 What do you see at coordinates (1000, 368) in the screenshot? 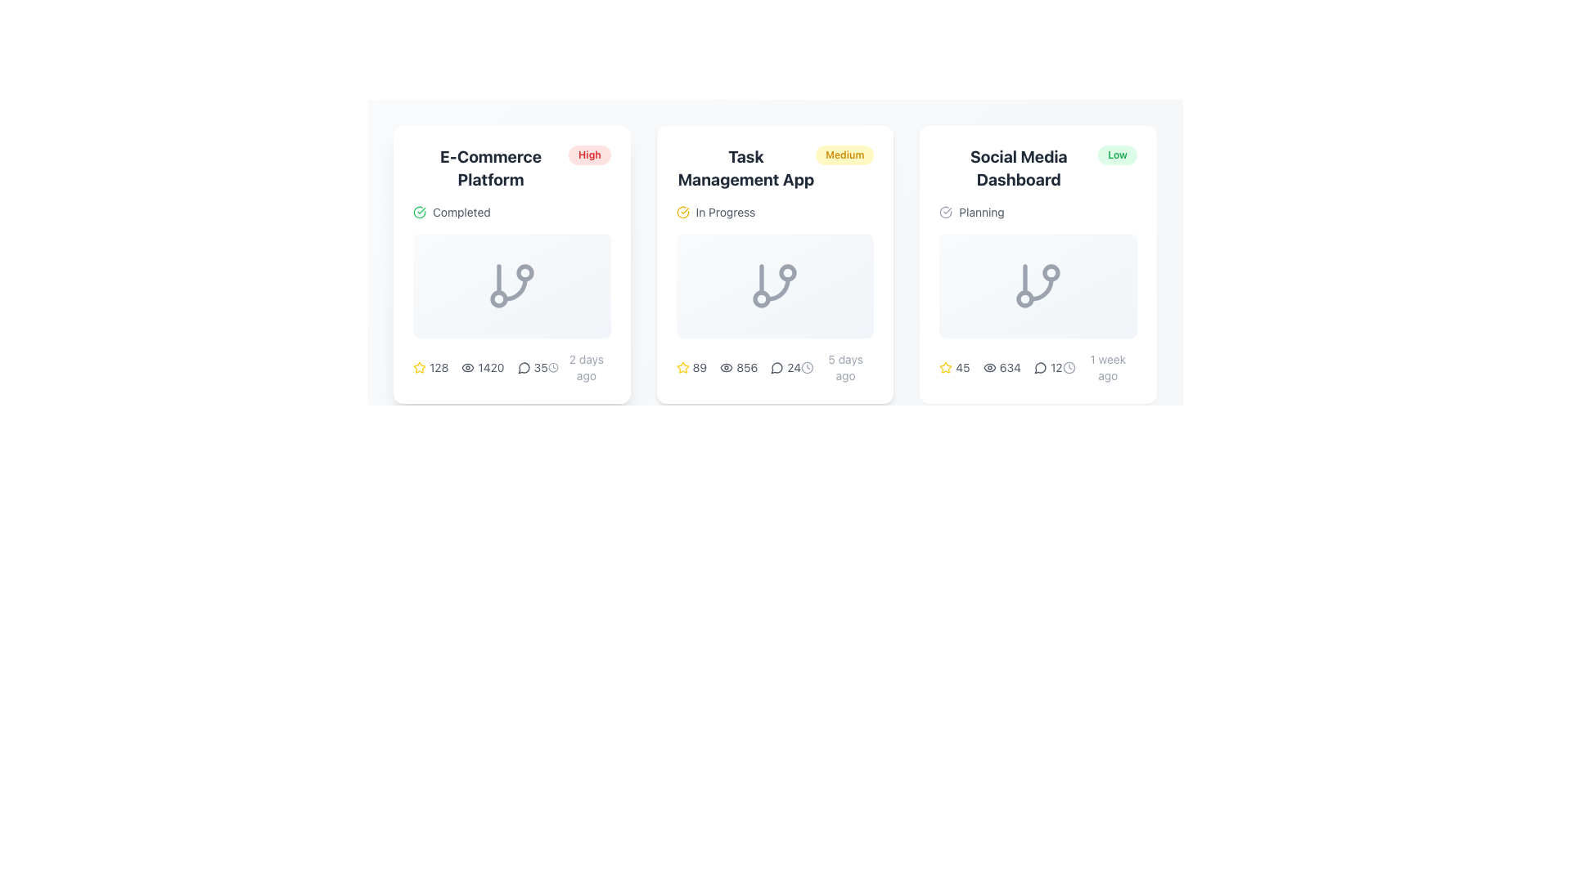
I see `the Statistic display row that shows the text '4563412', featuring icons for a star with '45', an eye with '634', and a speech bubble with '12', located at the bottom section of the 'Social Media Dashboard' card` at bounding box center [1000, 368].